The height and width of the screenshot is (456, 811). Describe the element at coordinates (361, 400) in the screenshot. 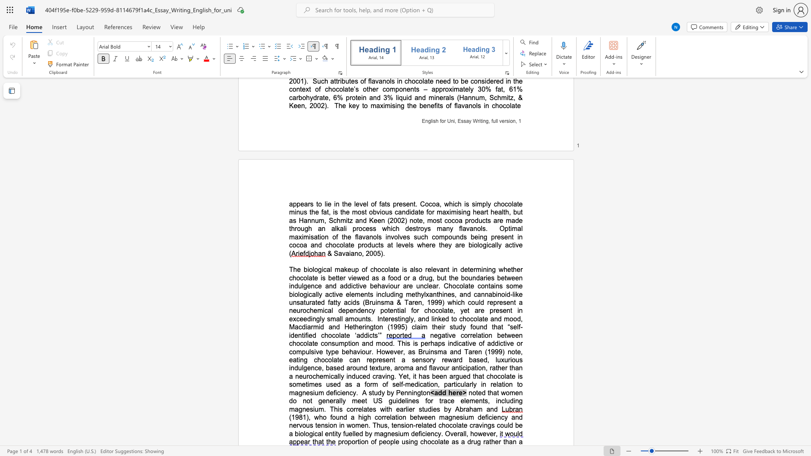

I see `the subset text "et" within the text "generally meet"` at that location.